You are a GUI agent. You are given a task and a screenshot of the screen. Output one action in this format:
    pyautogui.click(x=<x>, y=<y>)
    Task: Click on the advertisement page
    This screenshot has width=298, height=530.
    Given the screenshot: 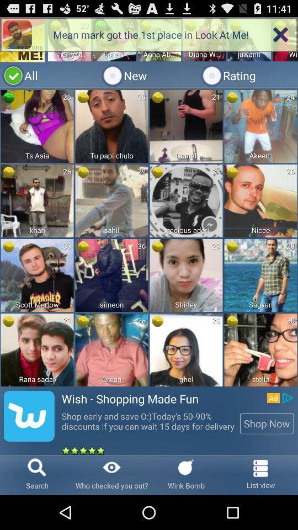 What is the action you would take?
    pyautogui.click(x=149, y=236)
    